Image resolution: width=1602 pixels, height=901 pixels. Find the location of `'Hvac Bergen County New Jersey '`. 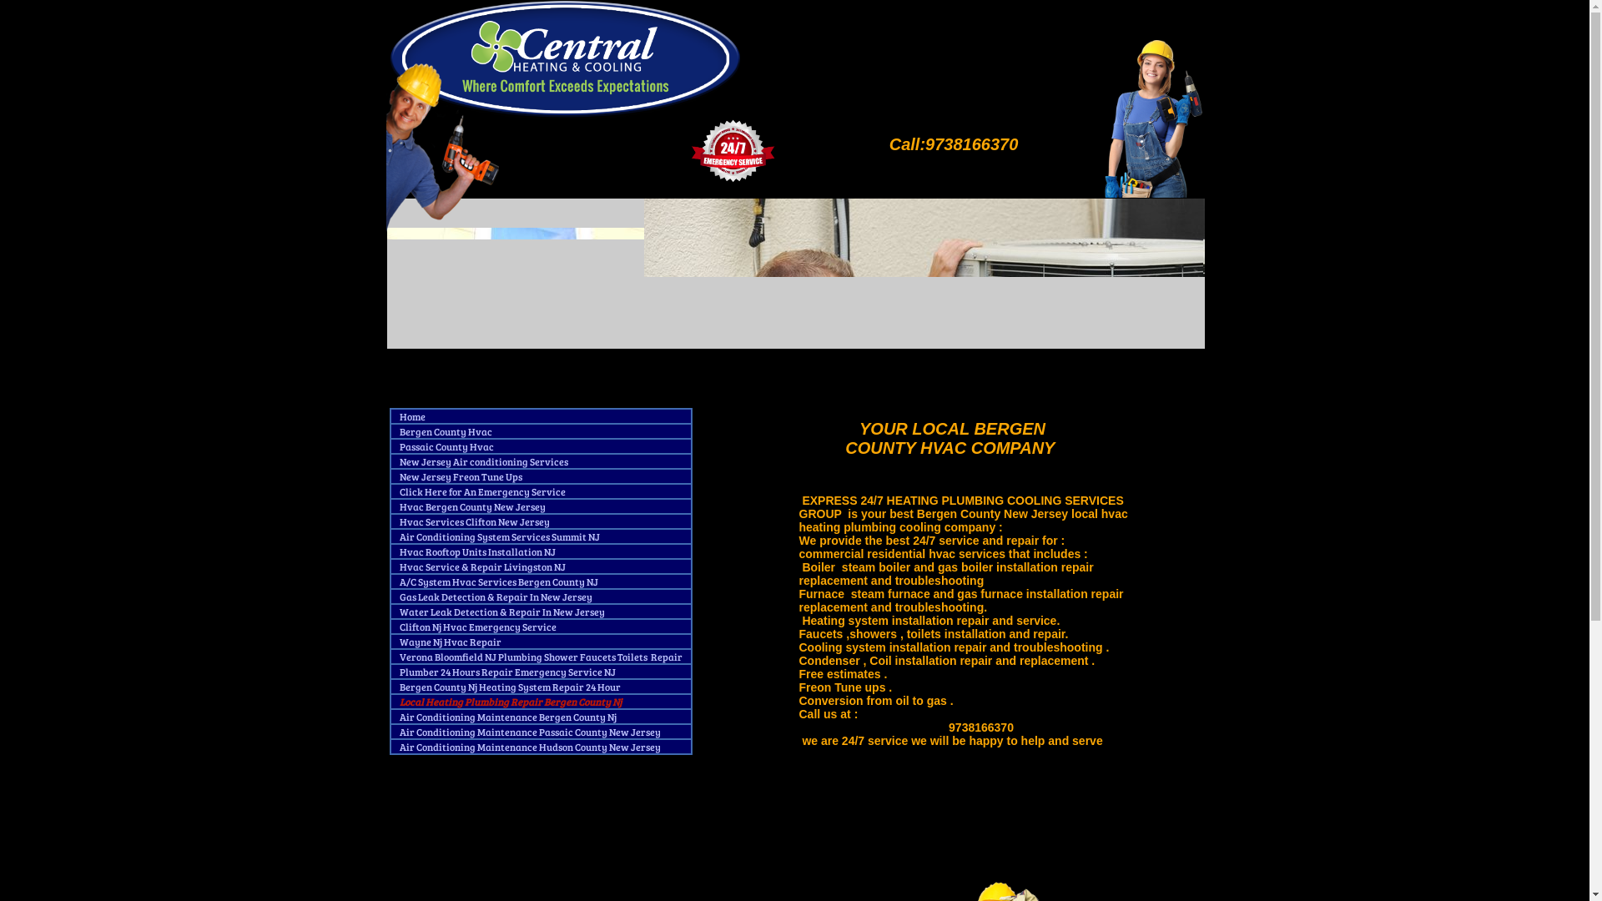

'Hvac Bergen County New Jersey ' is located at coordinates (471, 509).